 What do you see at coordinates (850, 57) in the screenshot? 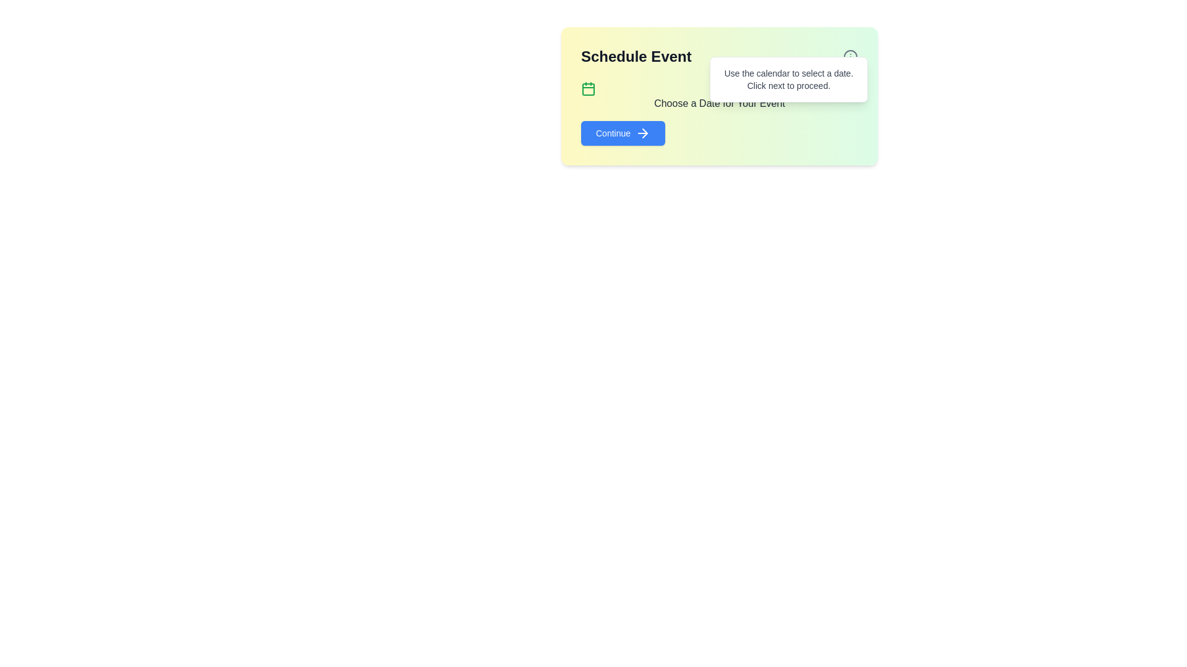
I see `circular graphic element within the tooltip of the 'Schedule Event' card, located in the top-right corner, by clicking on it` at bounding box center [850, 57].